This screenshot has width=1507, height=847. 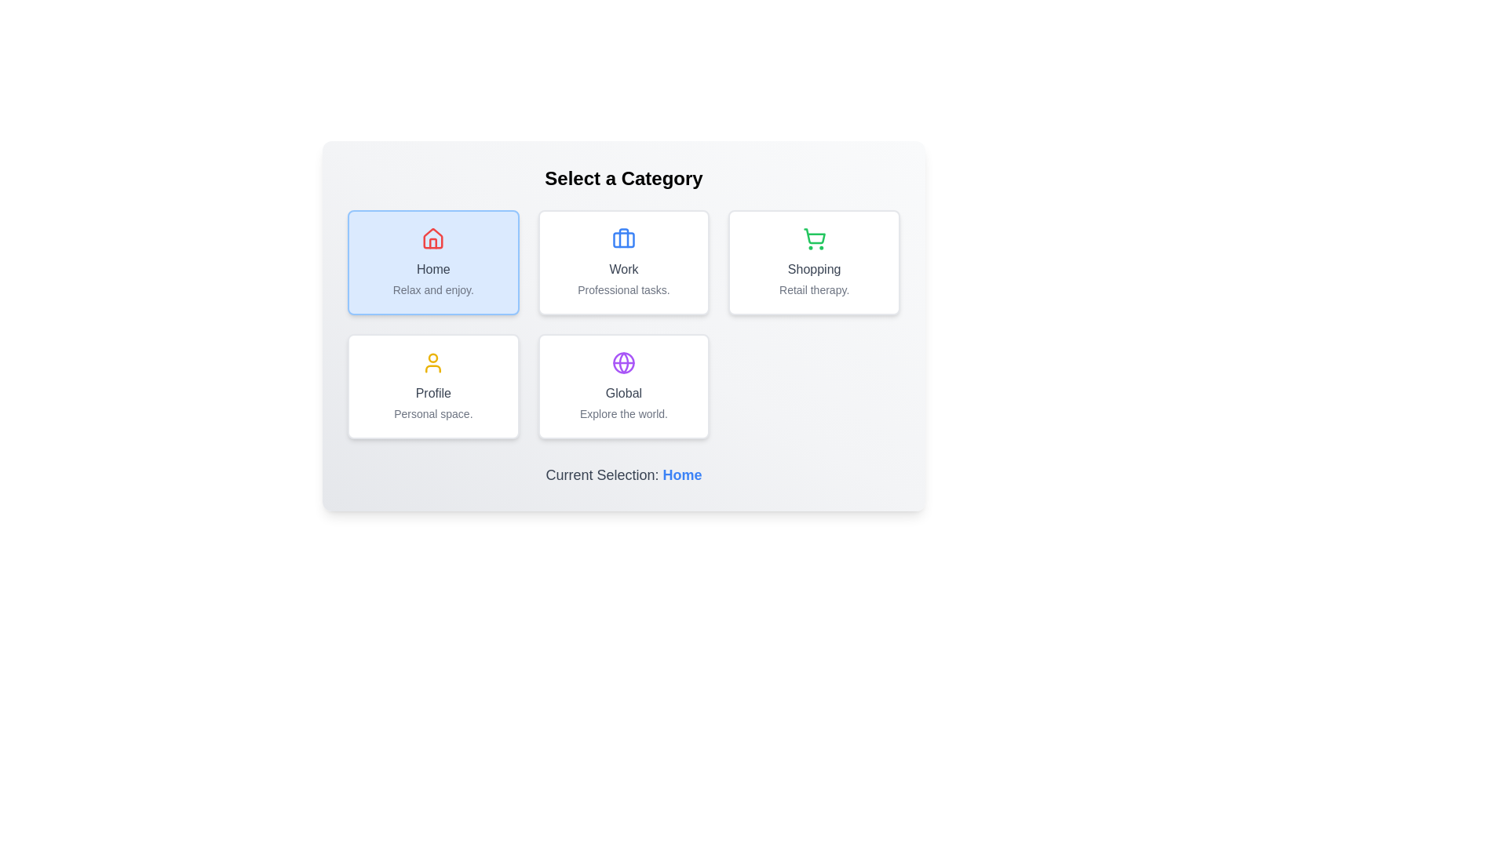 What do you see at coordinates (814, 262) in the screenshot?
I see `the category Shopping by clicking its corresponding button` at bounding box center [814, 262].